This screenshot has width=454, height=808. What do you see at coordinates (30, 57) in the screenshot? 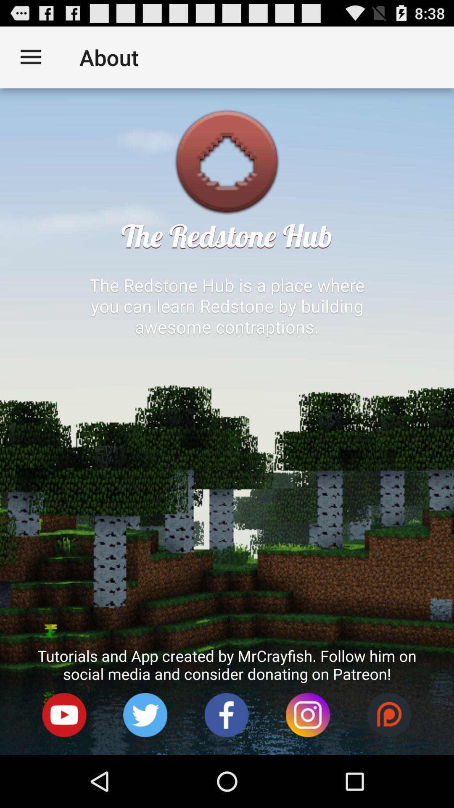
I see `item next to the about` at bounding box center [30, 57].